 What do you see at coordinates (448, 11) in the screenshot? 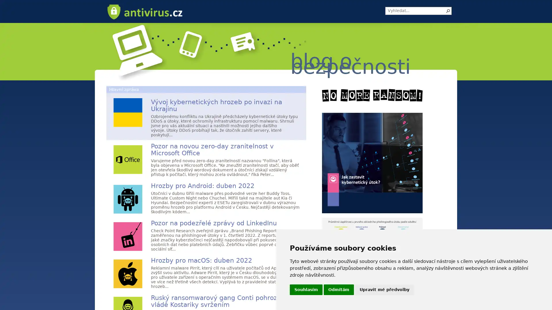
I see `Vyhledat` at bounding box center [448, 11].